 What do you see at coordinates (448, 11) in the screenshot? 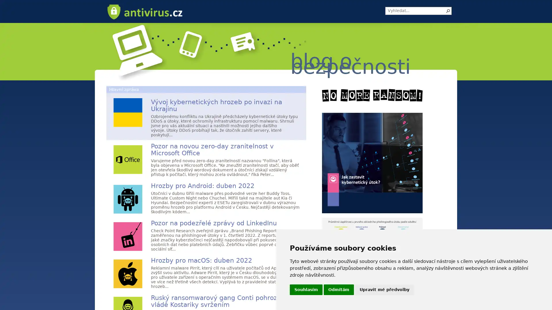
I see `Vyhledat` at bounding box center [448, 11].